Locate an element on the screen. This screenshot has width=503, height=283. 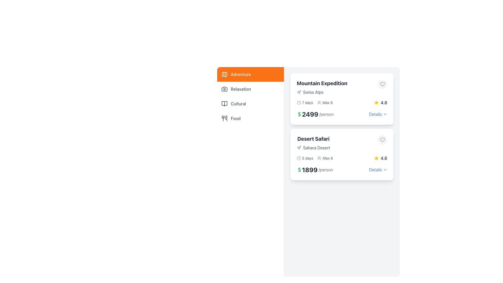
the open book icon located in the sidebar under the 'Cultural' label for contextual understanding is located at coordinates (225, 104).